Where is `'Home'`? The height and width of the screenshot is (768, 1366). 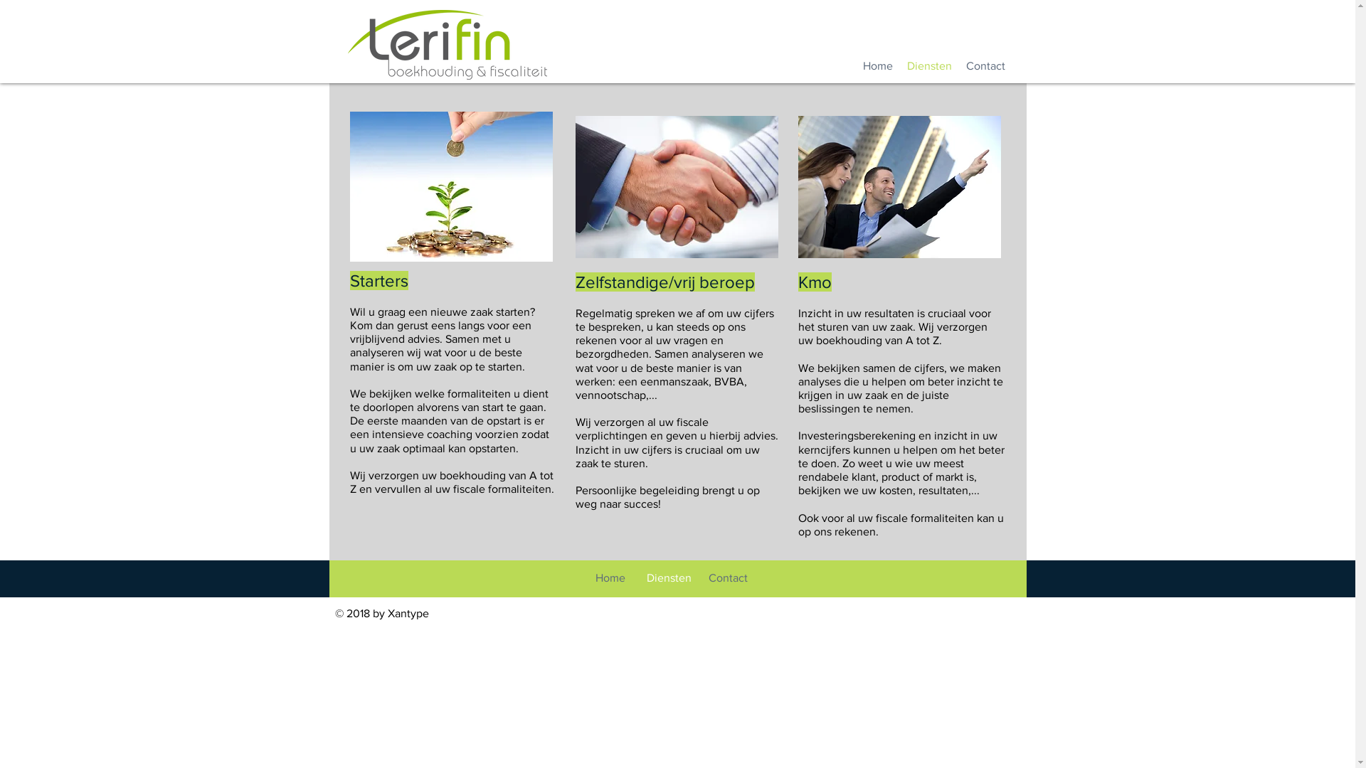 'Home' is located at coordinates (877, 65).